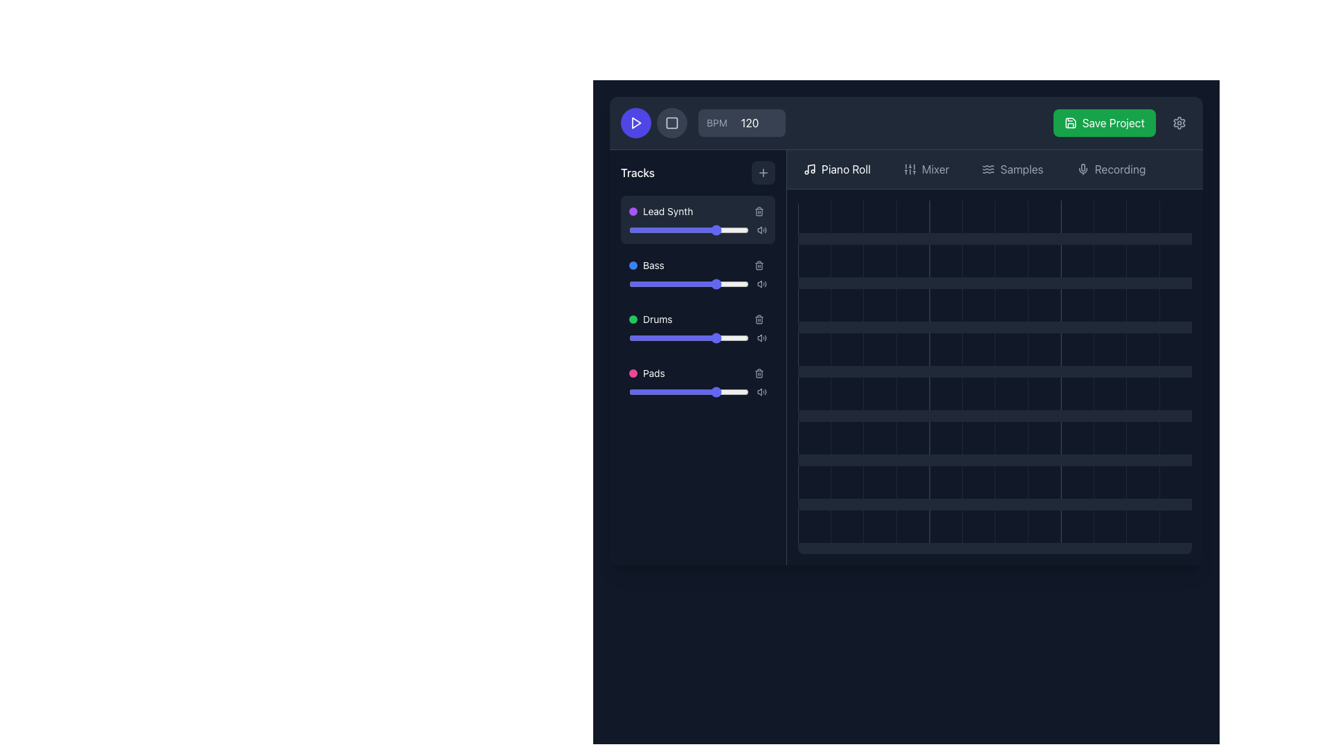  I want to click on the slider value, so click(721, 284).